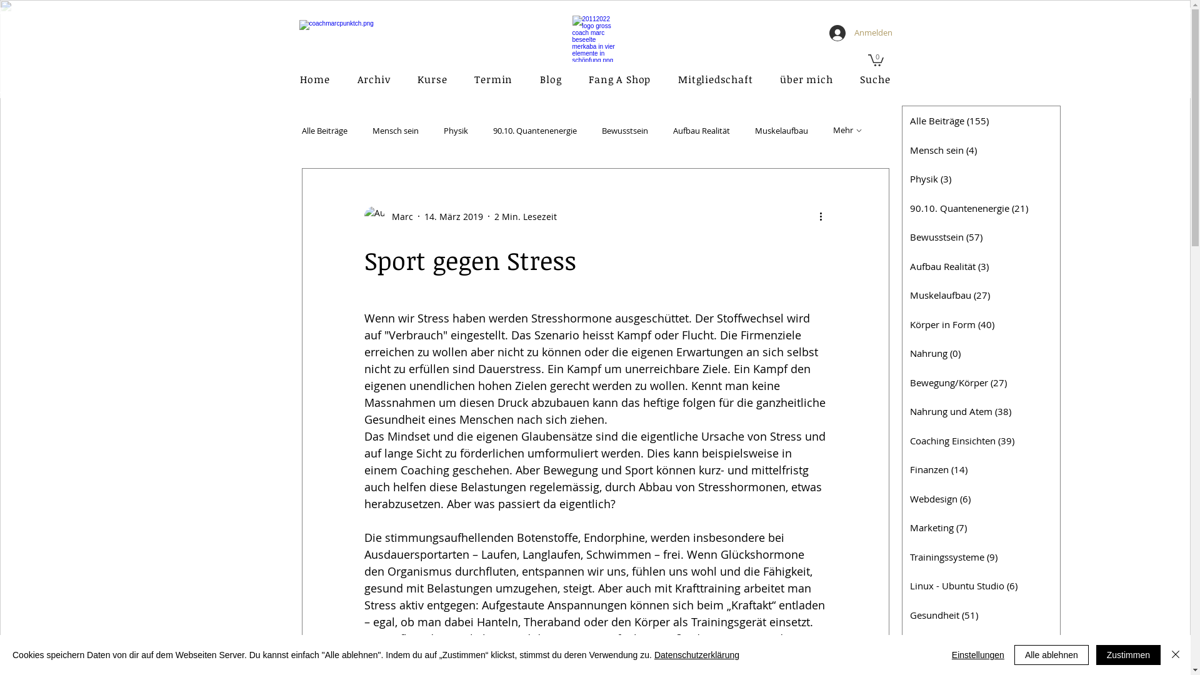 The height and width of the screenshot is (675, 1200). I want to click on 'Physik', so click(455, 130).